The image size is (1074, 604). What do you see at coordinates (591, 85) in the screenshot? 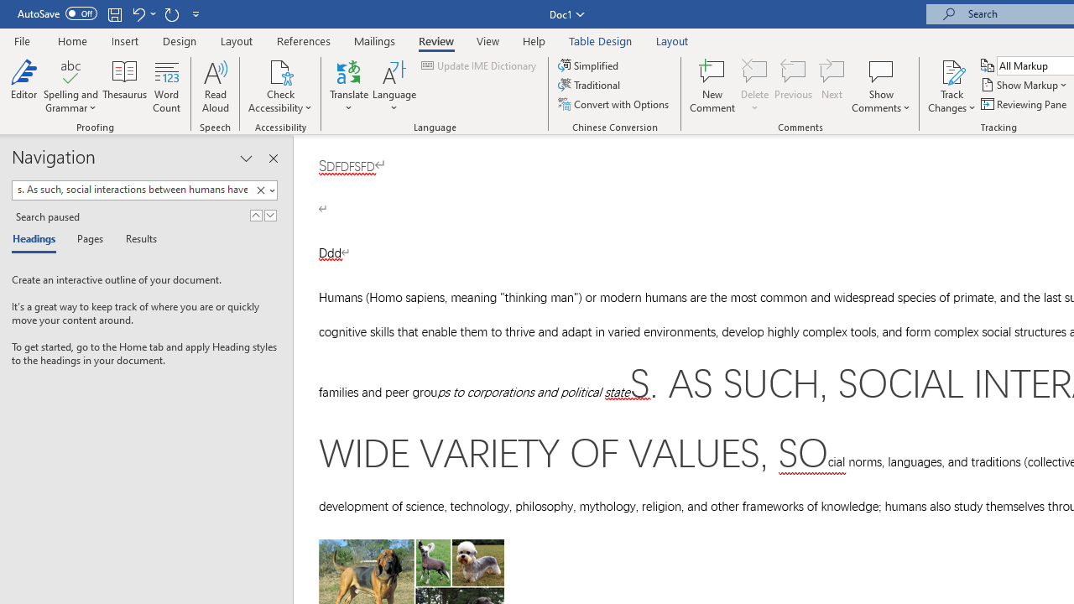
I see `'Traditional'` at bounding box center [591, 85].